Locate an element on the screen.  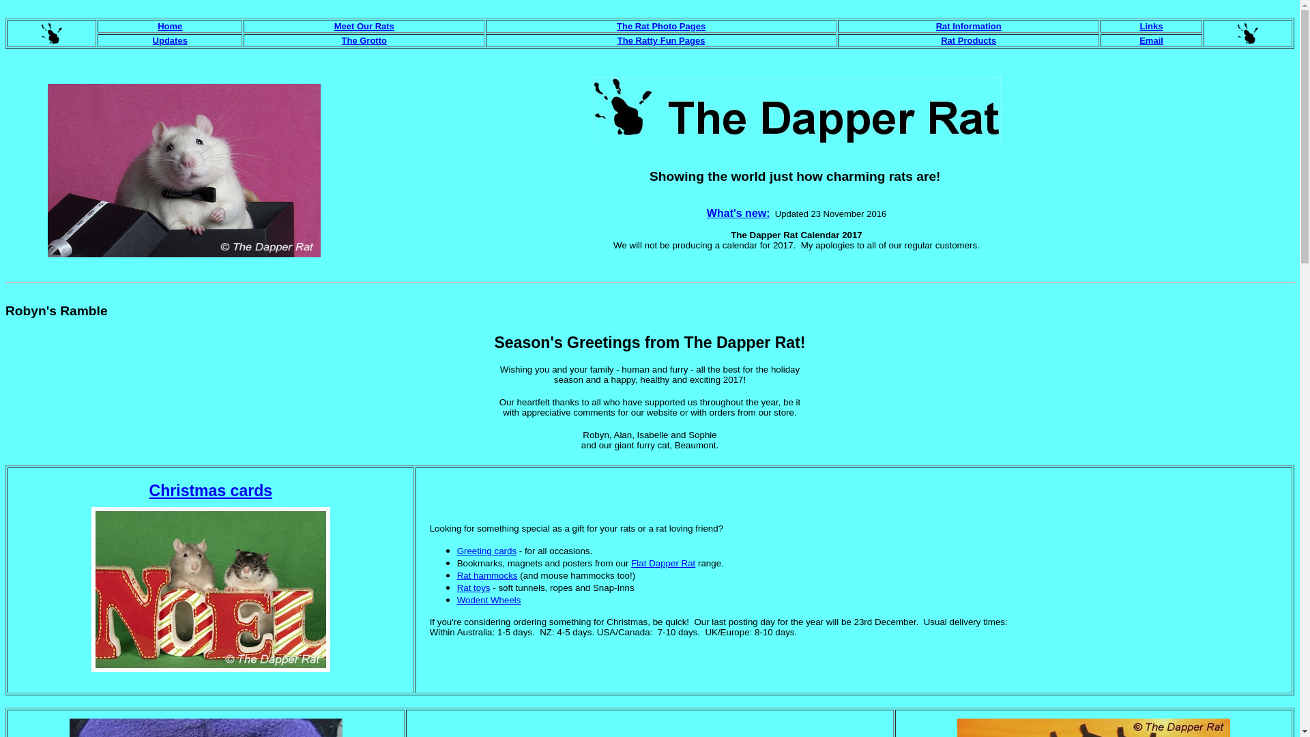
'Rat Products' is located at coordinates (967, 40).